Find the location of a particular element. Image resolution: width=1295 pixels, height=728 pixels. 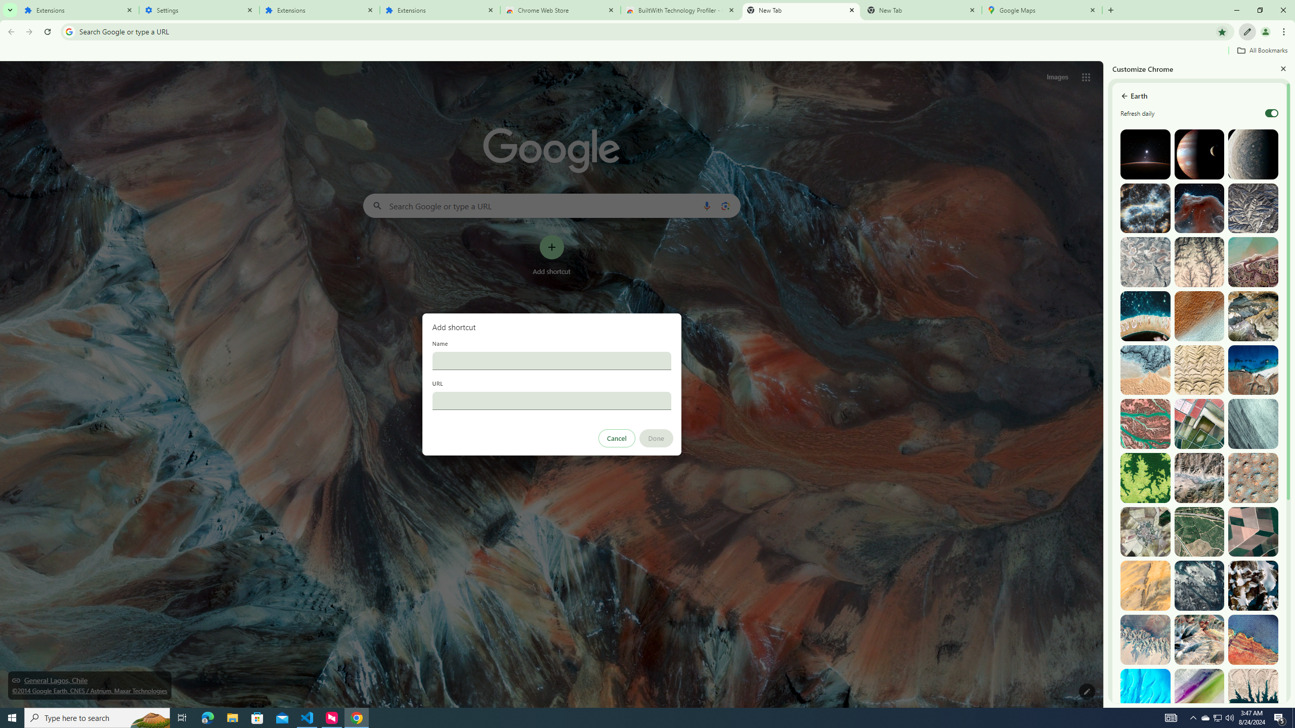

'Reload' is located at coordinates (47, 31).